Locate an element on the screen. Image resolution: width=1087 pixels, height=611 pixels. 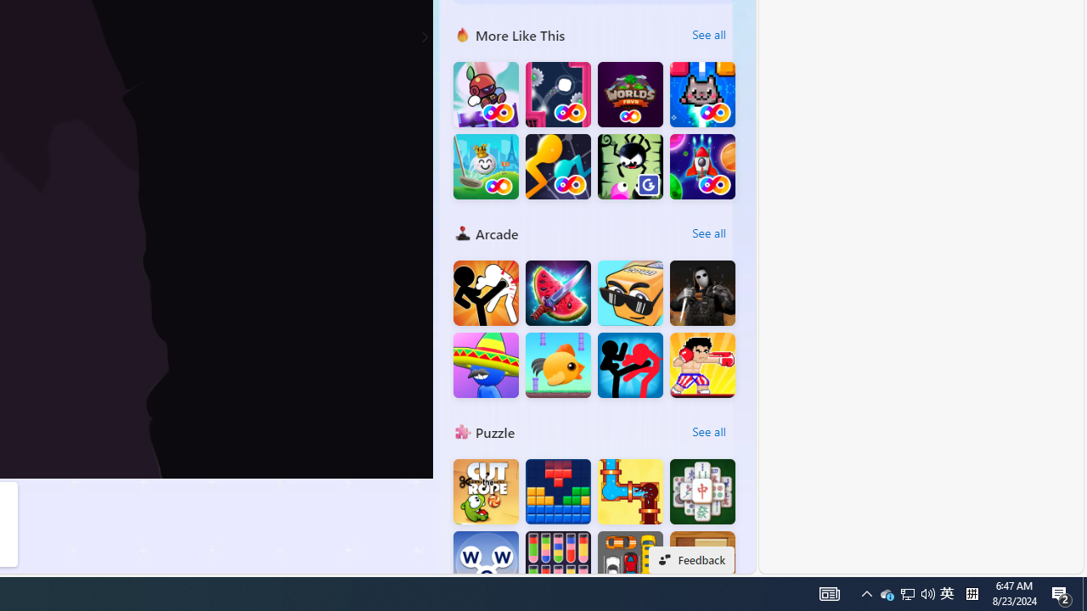
'BlockBuster: Adventures Puzzle' is located at coordinates (558, 491).